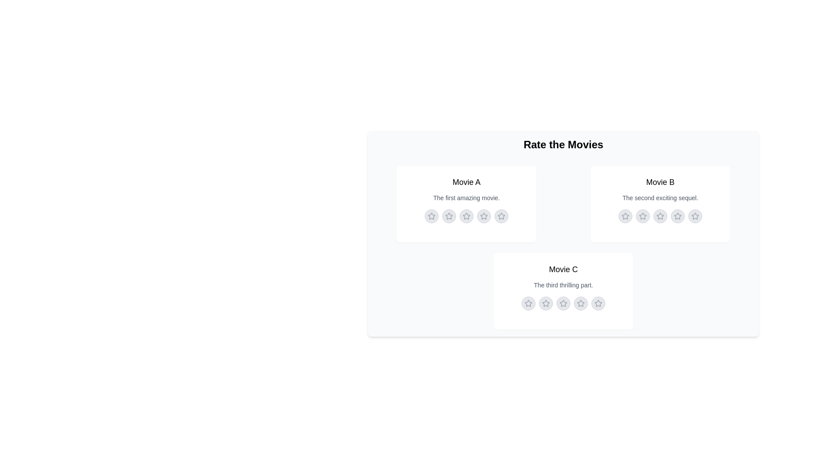 The height and width of the screenshot is (471, 838). Describe the element at coordinates (546, 303) in the screenshot. I see `the first star icon in the rating system for 'Movie C', which is located within a circular button in the 'Rate the Movies' interface` at that location.